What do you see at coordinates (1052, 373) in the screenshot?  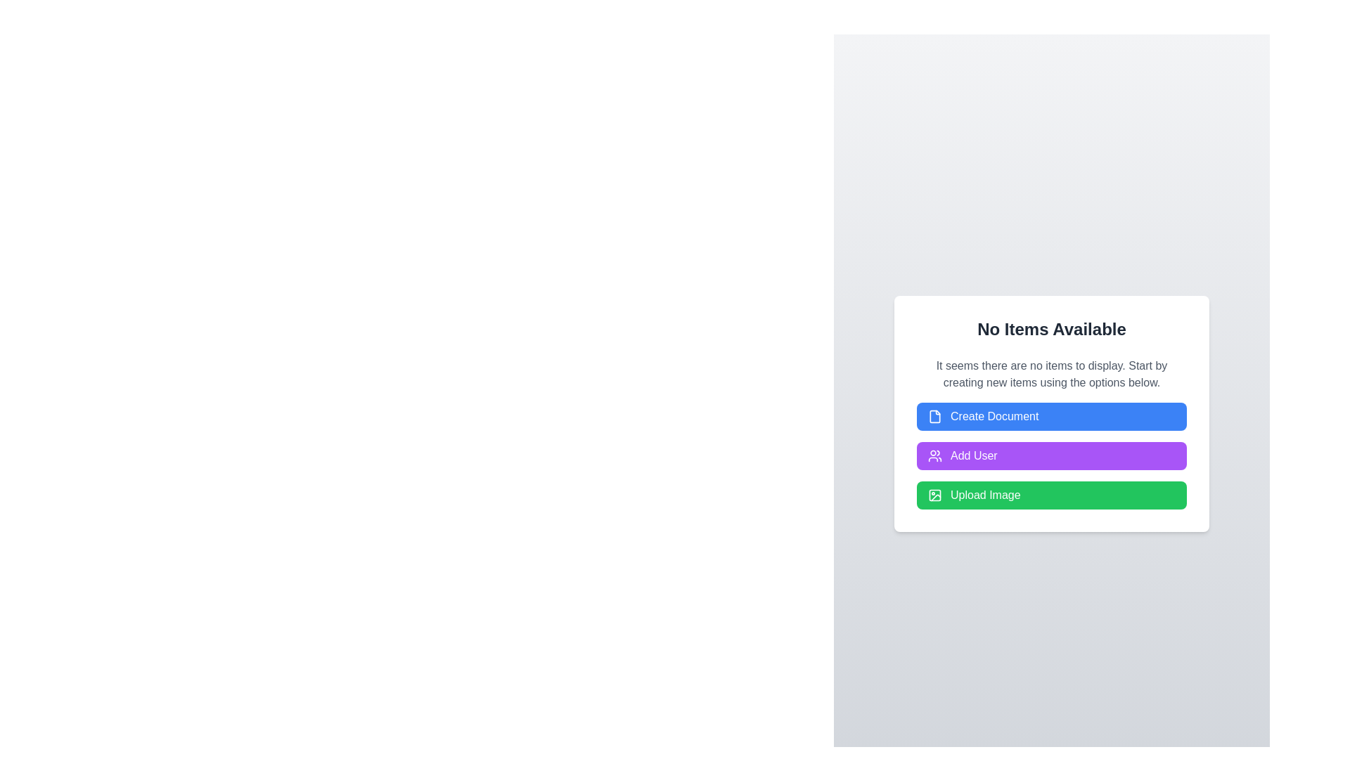 I see `the static text block displaying the message 'It seems there are no items` at bounding box center [1052, 373].